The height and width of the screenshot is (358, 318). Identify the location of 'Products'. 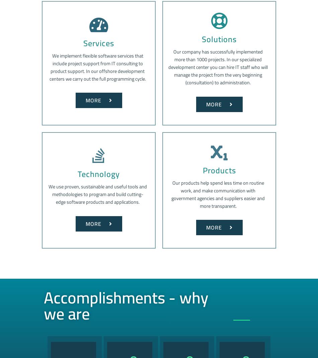
(219, 170).